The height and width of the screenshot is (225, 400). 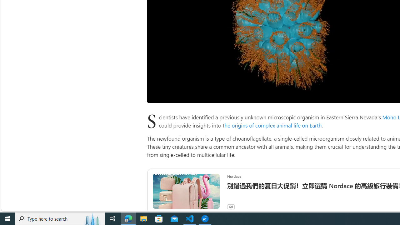 What do you see at coordinates (230, 207) in the screenshot?
I see `'Ad'` at bounding box center [230, 207].